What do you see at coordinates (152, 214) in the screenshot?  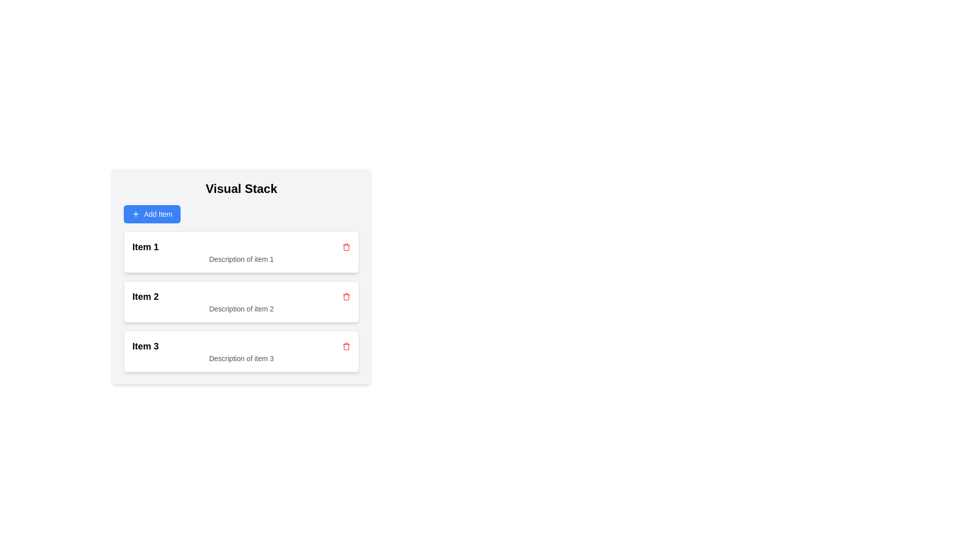 I see `the 'Add Item' button with a blue background and white text located below the 'Visual Stack' header` at bounding box center [152, 214].